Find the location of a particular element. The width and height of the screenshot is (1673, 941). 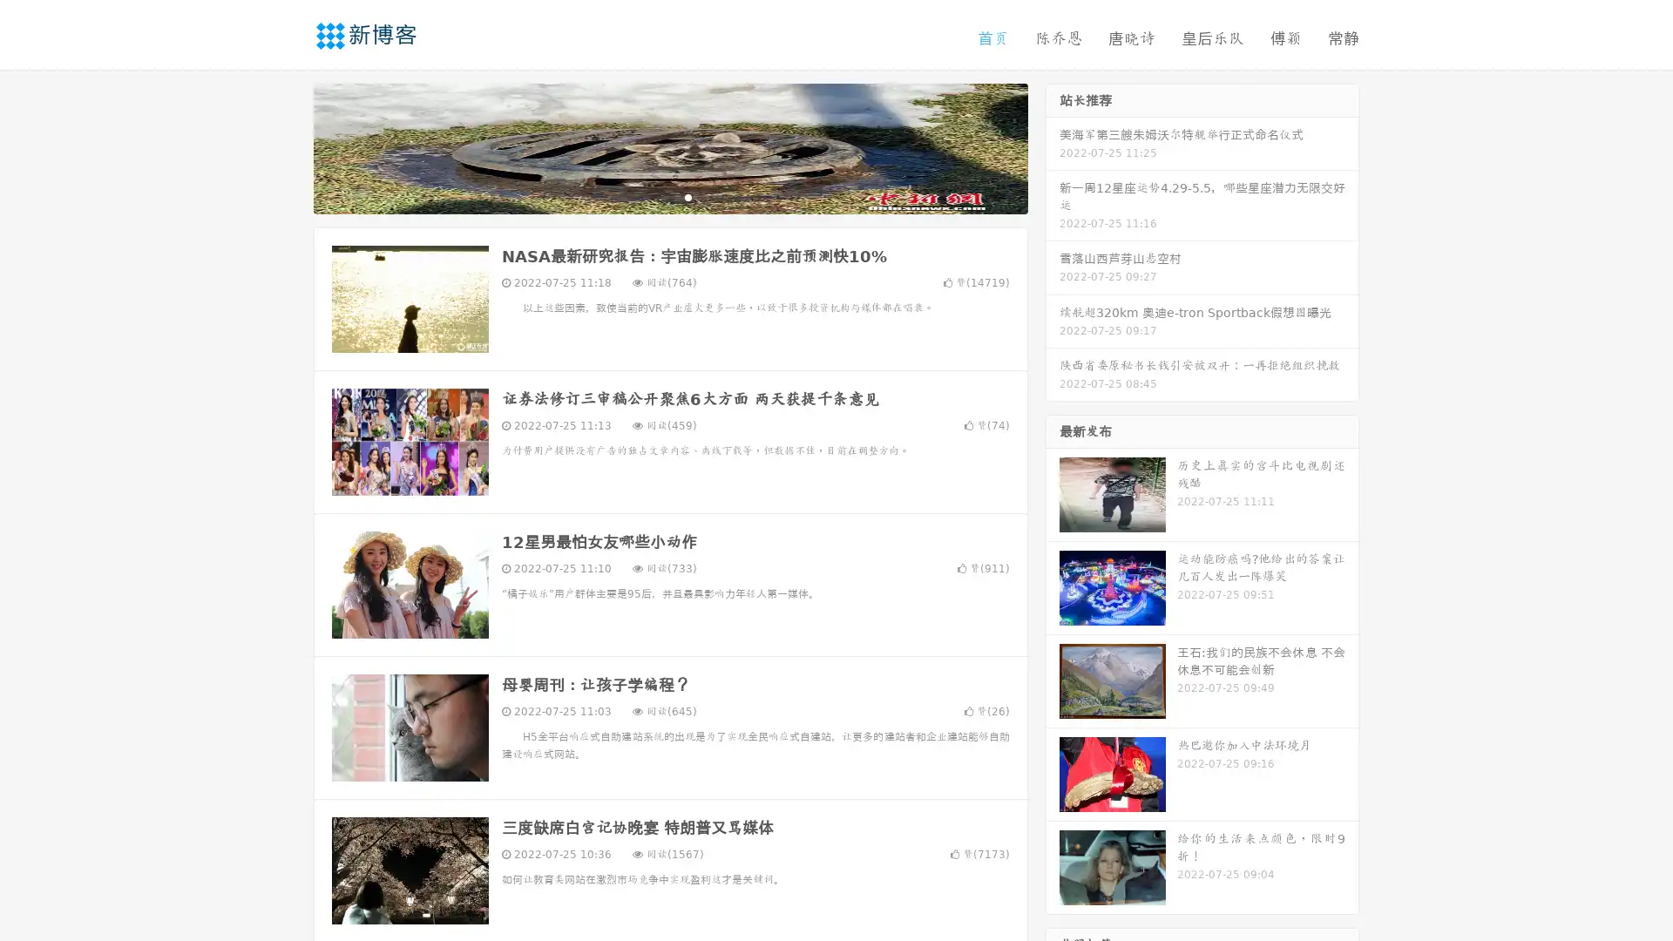

Previous slide is located at coordinates (288, 146).